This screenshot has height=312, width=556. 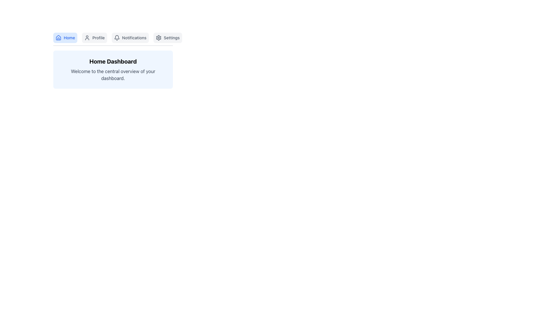 I want to click on the 'Settings' icon located at the top-right corner of the interface, so click(x=158, y=38).